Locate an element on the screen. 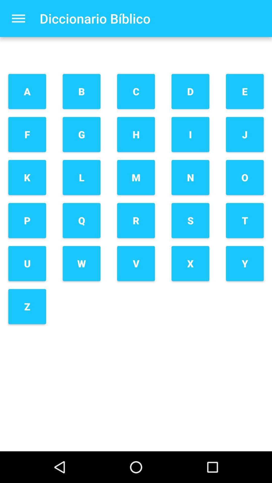  the x button is located at coordinates (190, 263).